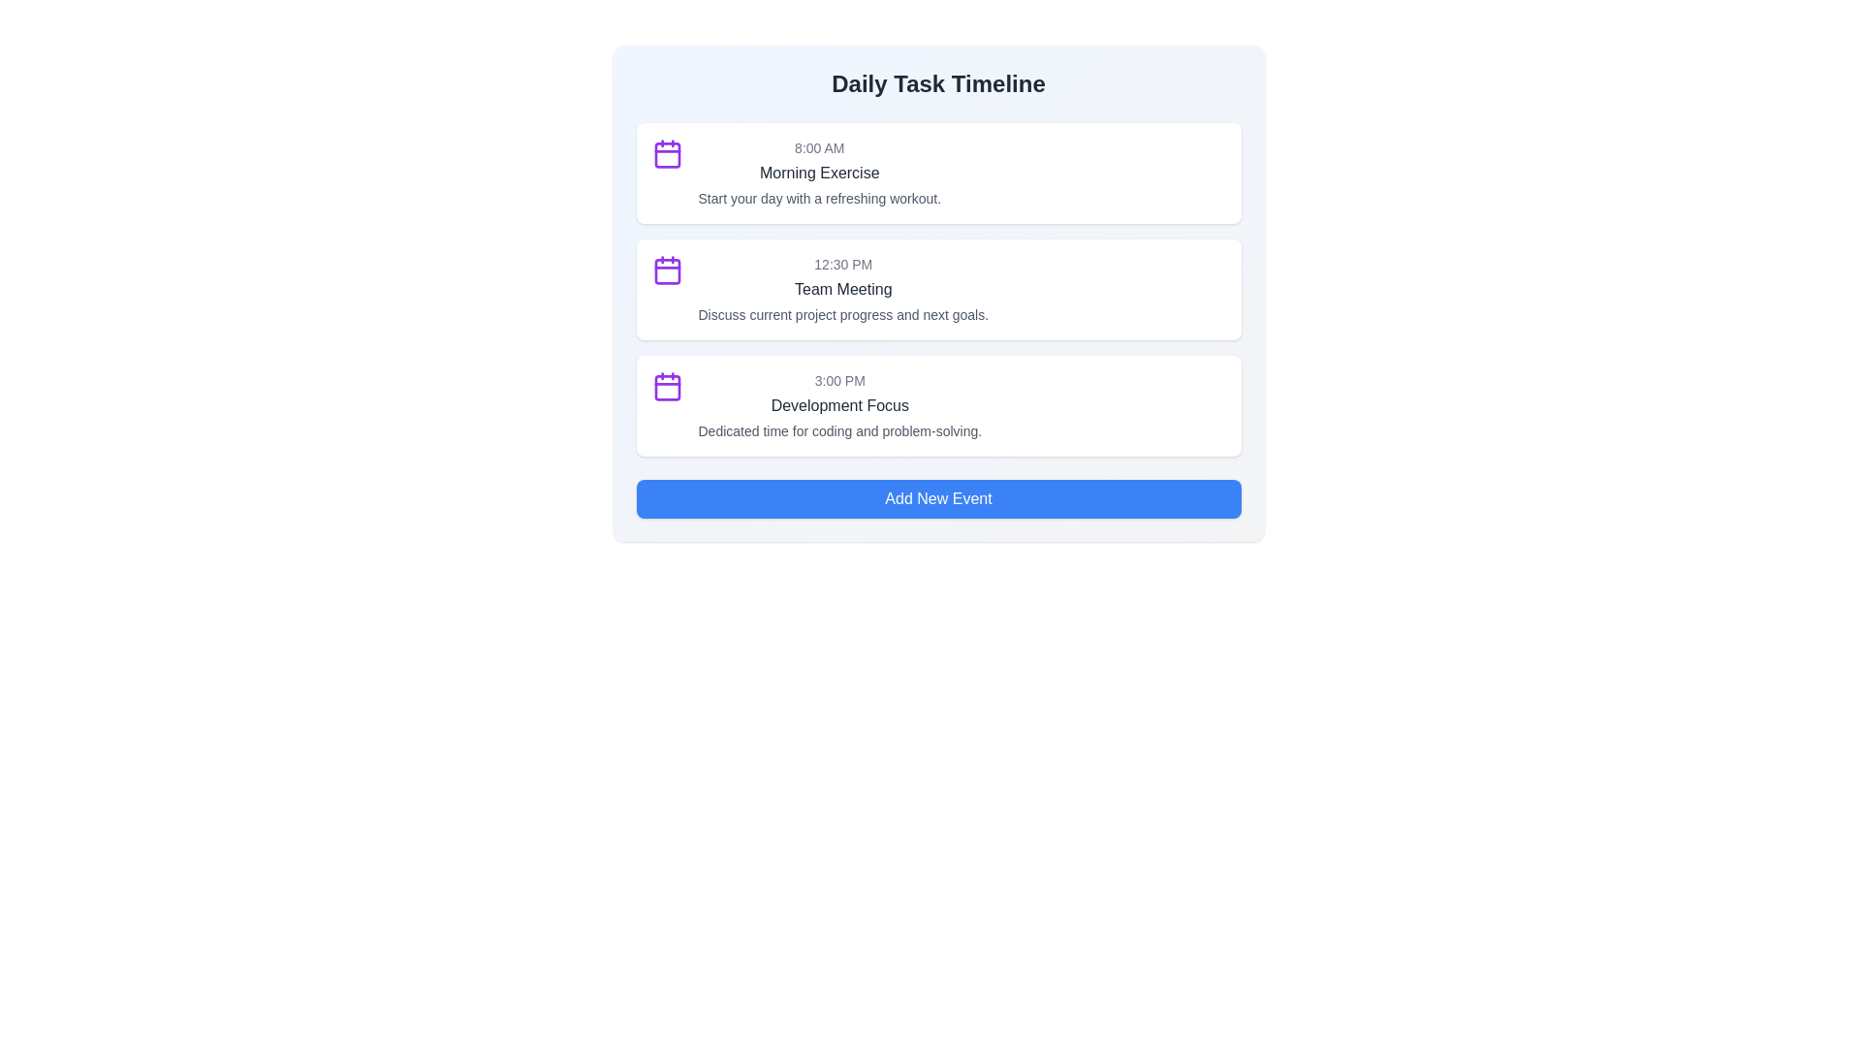 The width and height of the screenshot is (1861, 1047). What do you see at coordinates (667, 270) in the screenshot?
I see `the calendar icon representing the '12:30 PM - Team Meeting' task card, which is styled with a purple color and features two horizontal bars within a rounded square outline` at bounding box center [667, 270].